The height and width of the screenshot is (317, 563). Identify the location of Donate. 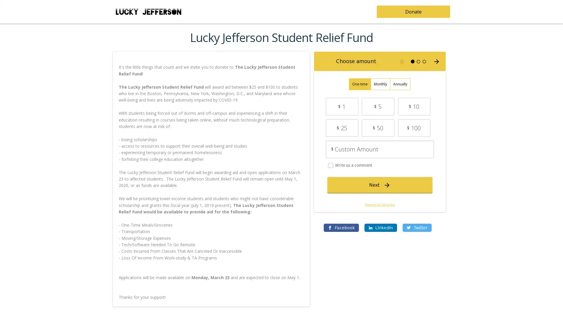
(413, 11).